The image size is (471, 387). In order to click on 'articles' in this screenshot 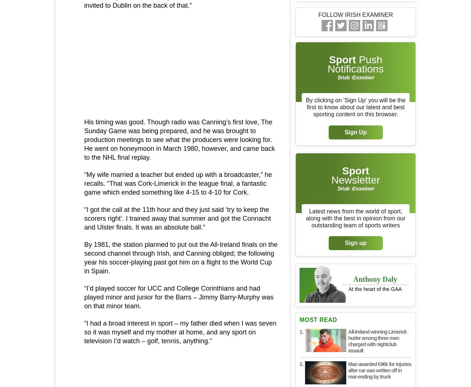, I will do `click(149, 73)`.